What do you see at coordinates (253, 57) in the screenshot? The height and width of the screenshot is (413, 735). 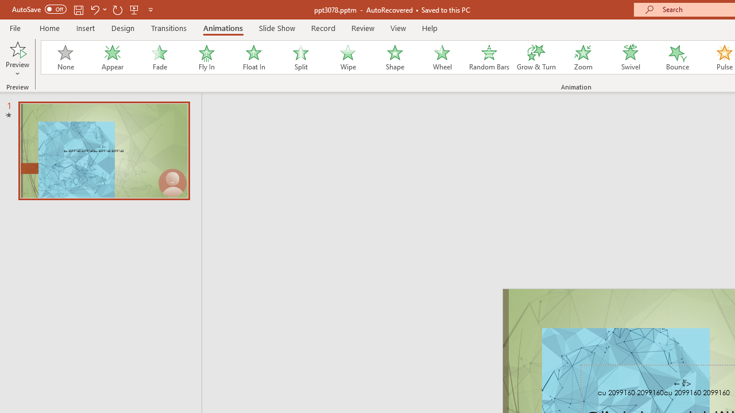 I see `'Float In'` at bounding box center [253, 57].